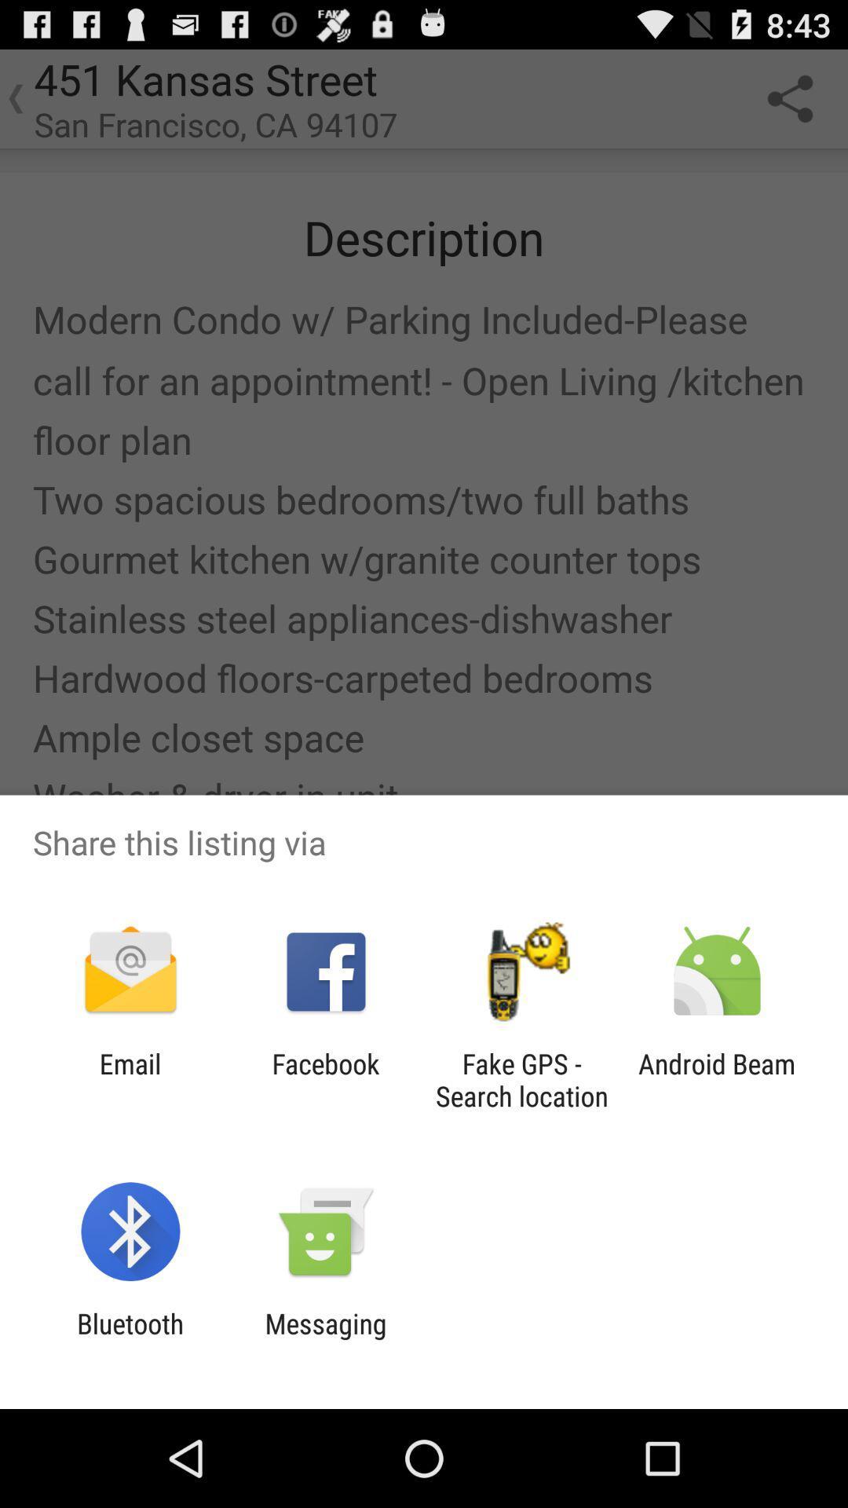  Describe the element at coordinates (130, 1079) in the screenshot. I see `the app to the left of facebook item` at that location.